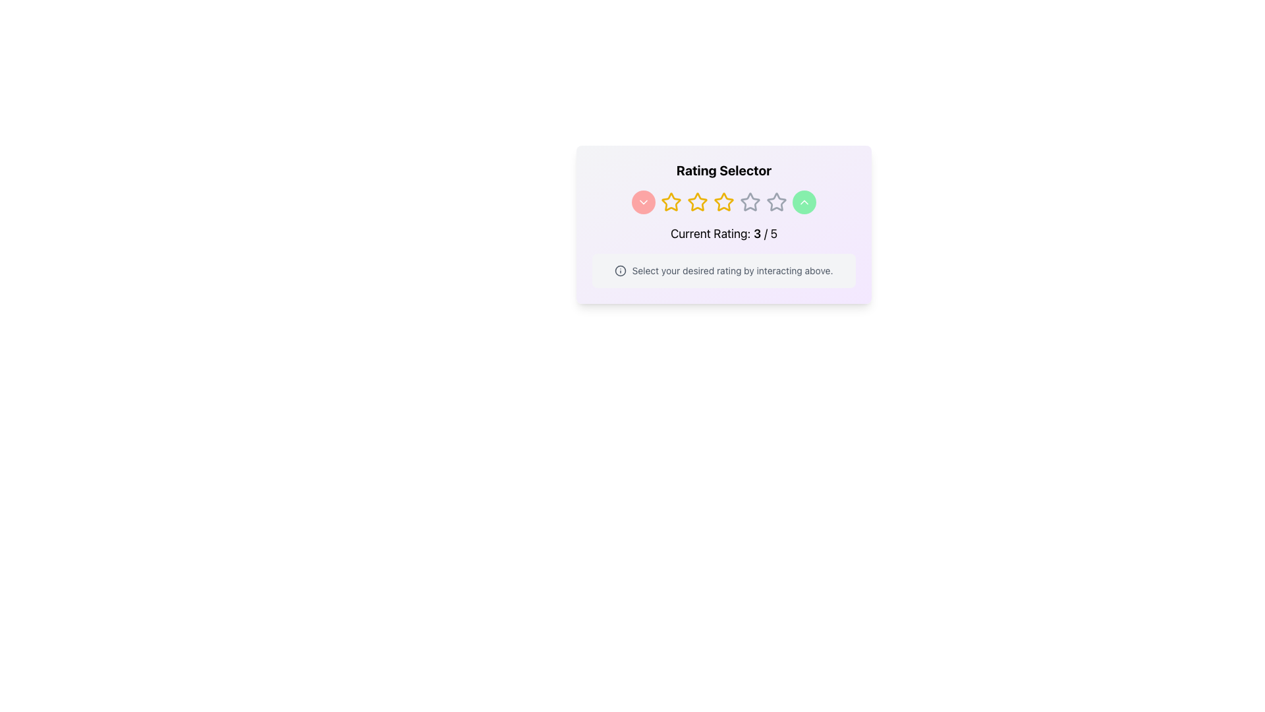  What do you see at coordinates (723, 202) in the screenshot?
I see `the third star in the five-star rating system, located below the 'Rating Selector' heading` at bounding box center [723, 202].